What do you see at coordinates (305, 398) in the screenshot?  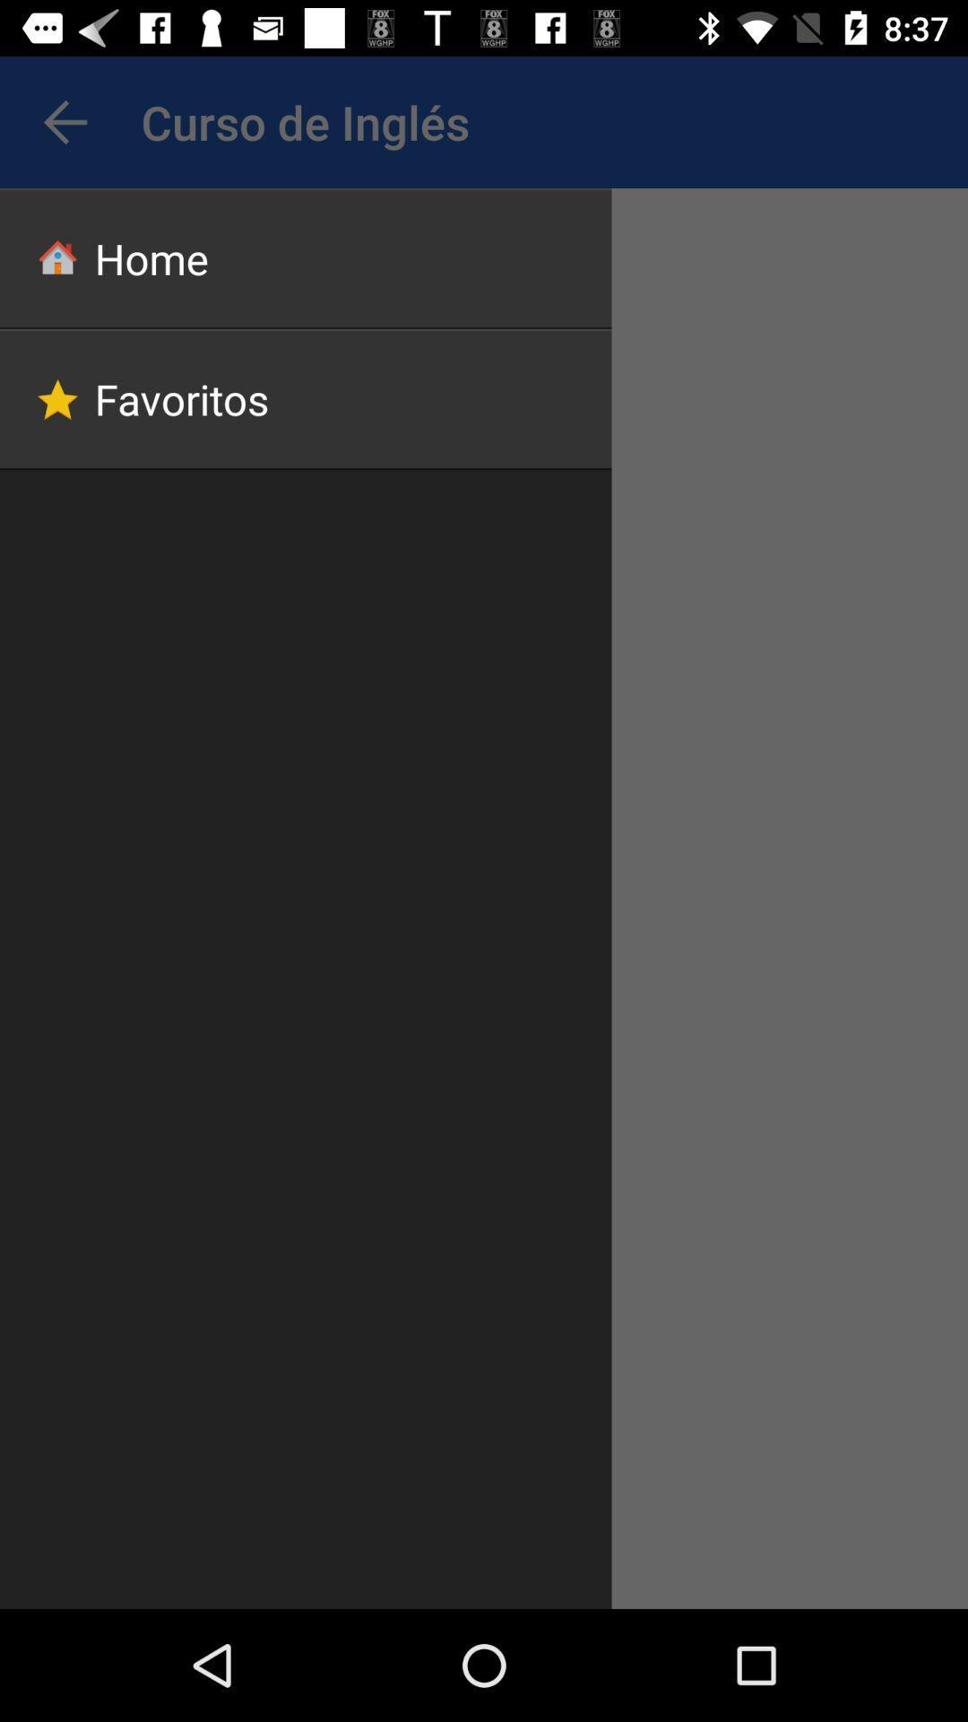 I see `app below the home item` at bounding box center [305, 398].